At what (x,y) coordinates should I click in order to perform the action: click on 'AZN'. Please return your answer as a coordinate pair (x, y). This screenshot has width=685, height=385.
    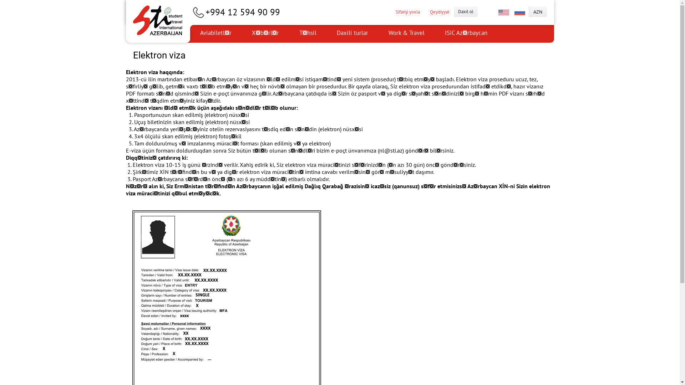
    Looking at the image, I should click on (538, 12).